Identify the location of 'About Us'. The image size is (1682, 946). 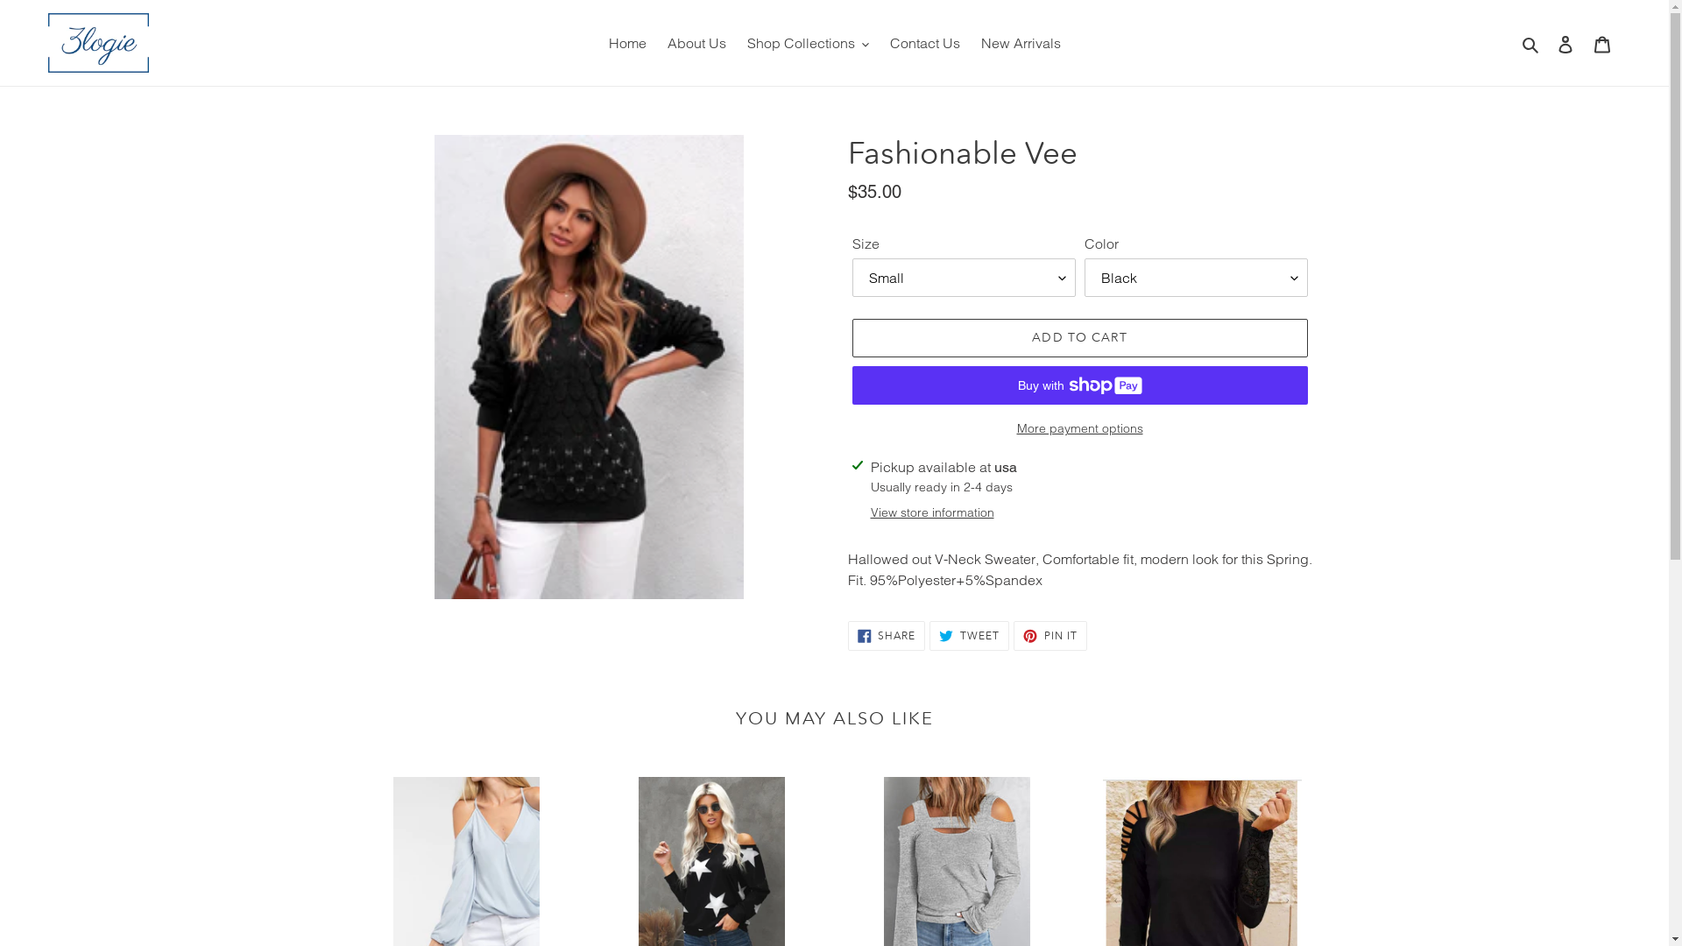
(696, 42).